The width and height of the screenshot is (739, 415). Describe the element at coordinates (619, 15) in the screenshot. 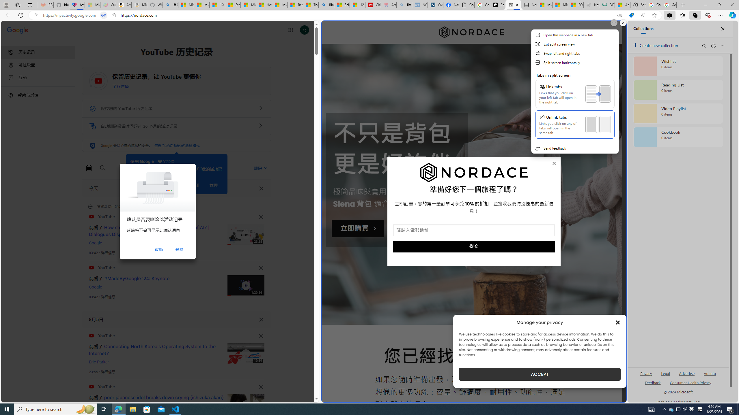

I see `'Show translate options'` at that location.